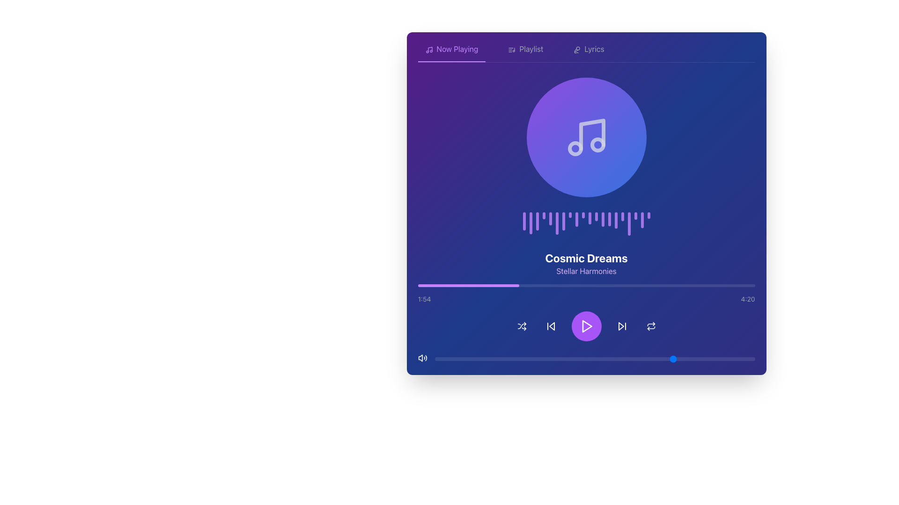 The width and height of the screenshot is (899, 505). What do you see at coordinates (664, 358) in the screenshot?
I see `the slider` at bounding box center [664, 358].